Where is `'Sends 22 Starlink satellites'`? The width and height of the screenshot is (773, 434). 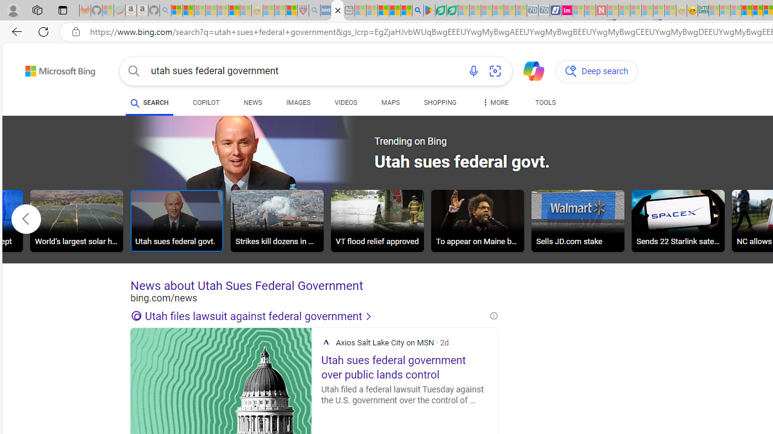
'Sends 22 Starlink satellites' is located at coordinates (678, 222).